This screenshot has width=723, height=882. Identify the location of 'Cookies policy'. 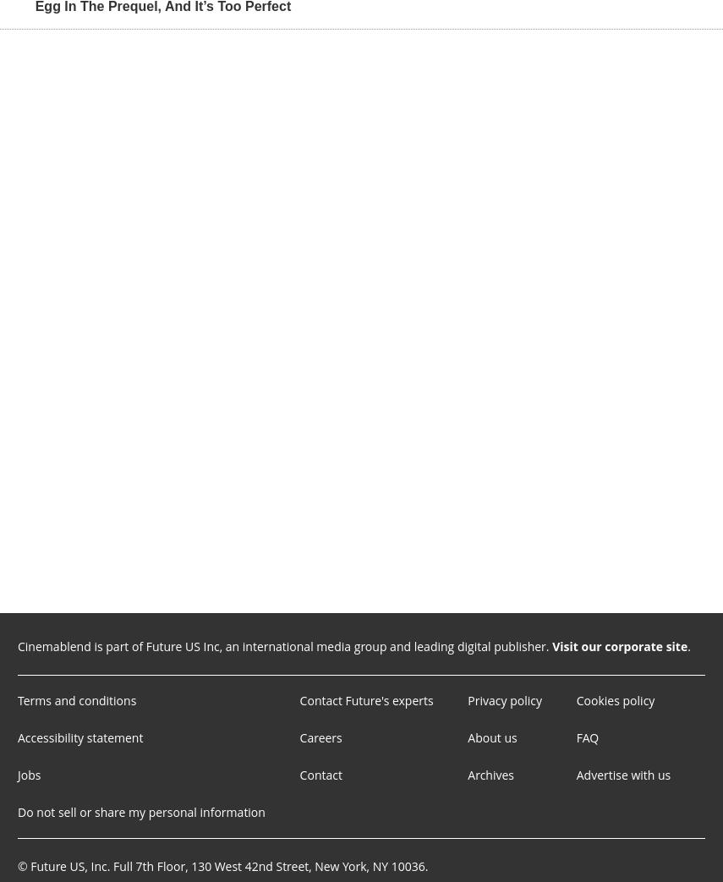
(615, 699).